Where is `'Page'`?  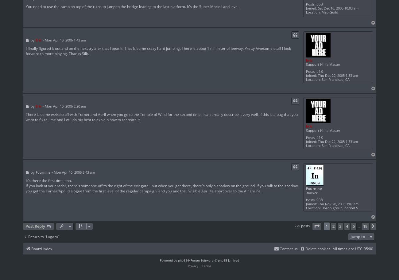
'Page' is located at coordinates (320, 226).